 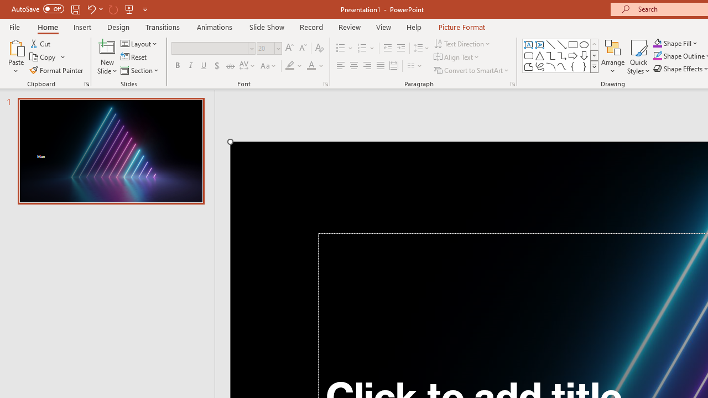 I want to click on 'Shape Outline Blue, Accent 1', so click(x=658, y=56).